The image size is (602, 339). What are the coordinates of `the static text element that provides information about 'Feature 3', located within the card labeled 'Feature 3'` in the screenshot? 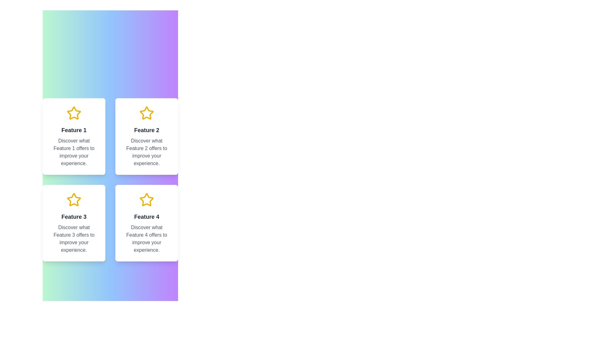 It's located at (74, 239).